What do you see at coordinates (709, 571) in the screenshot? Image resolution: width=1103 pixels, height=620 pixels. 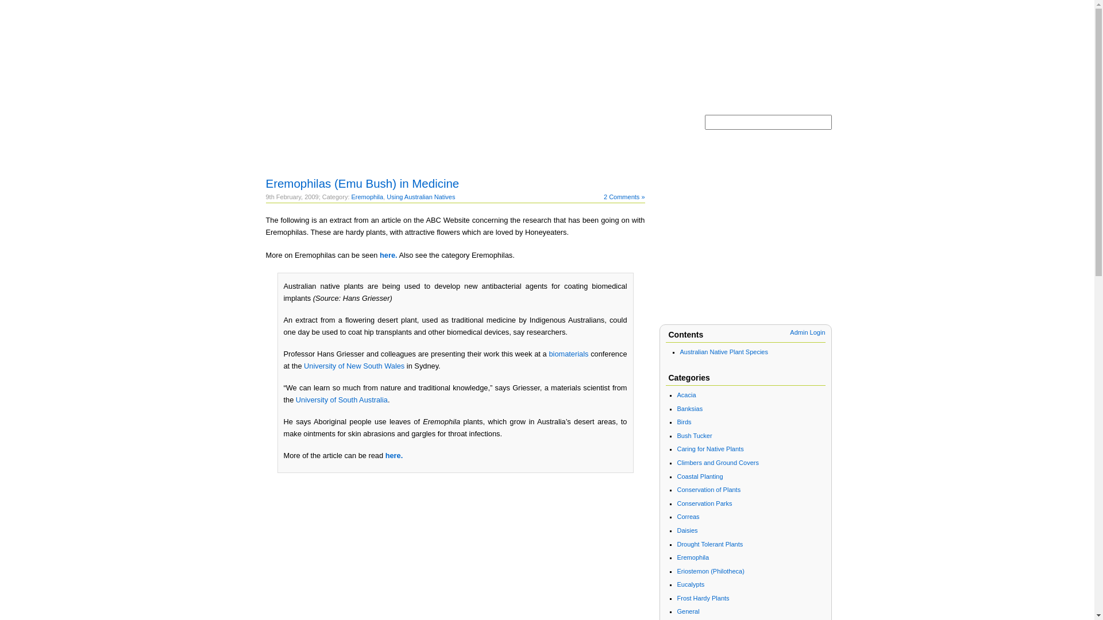 I see `'Eriostemon (Philotheca)'` at bounding box center [709, 571].